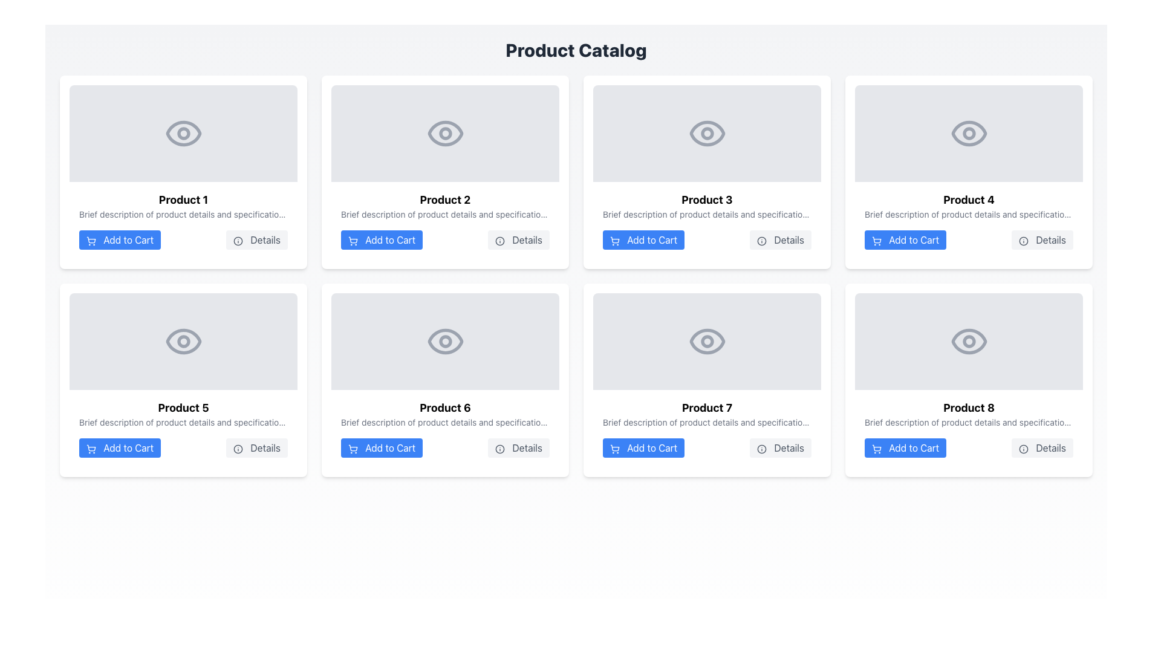 The width and height of the screenshot is (1161, 653). Describe the element at coordinates (381, 240) in the screenshot. I see `the 'Add to Cart' button, which is white text on a blue background with rounded corners, to change its color to a darker blue` at that location.